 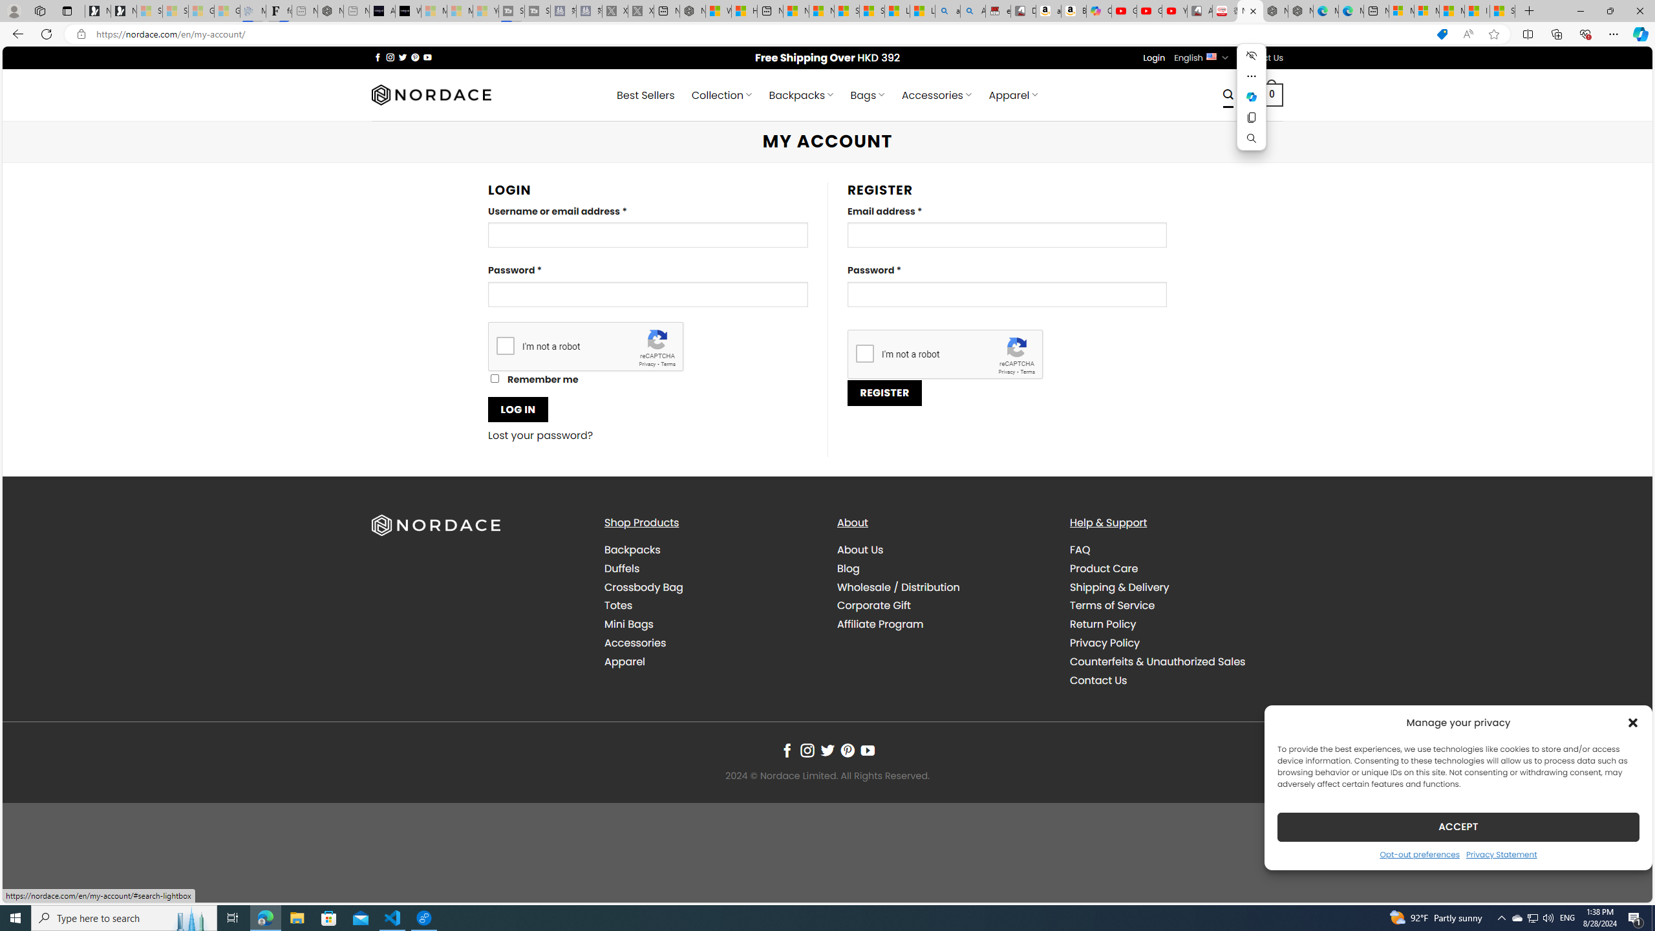 I want to click on 'Follow on Pinterest', so click(x=846, y=750).